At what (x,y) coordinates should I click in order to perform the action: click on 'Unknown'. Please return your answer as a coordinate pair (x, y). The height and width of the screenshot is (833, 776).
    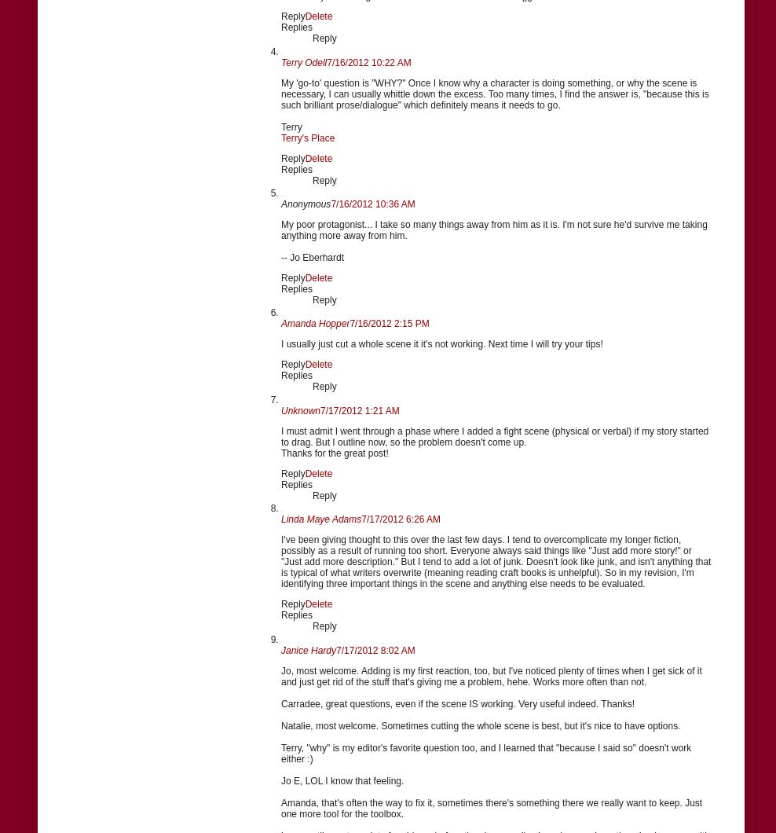
    Looking at the image, I should click on (300, 409).